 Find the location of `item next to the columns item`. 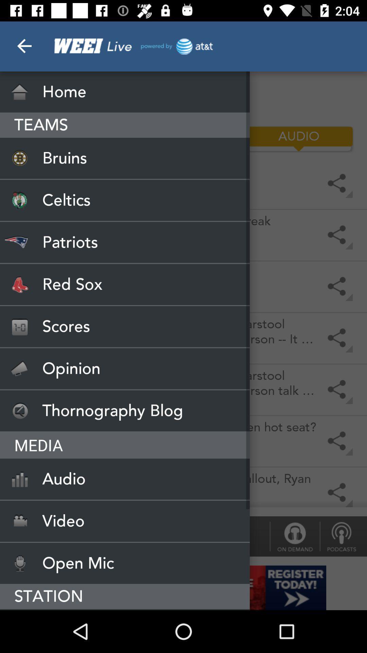

item next to the columns item is located at coordinates (68, 138).